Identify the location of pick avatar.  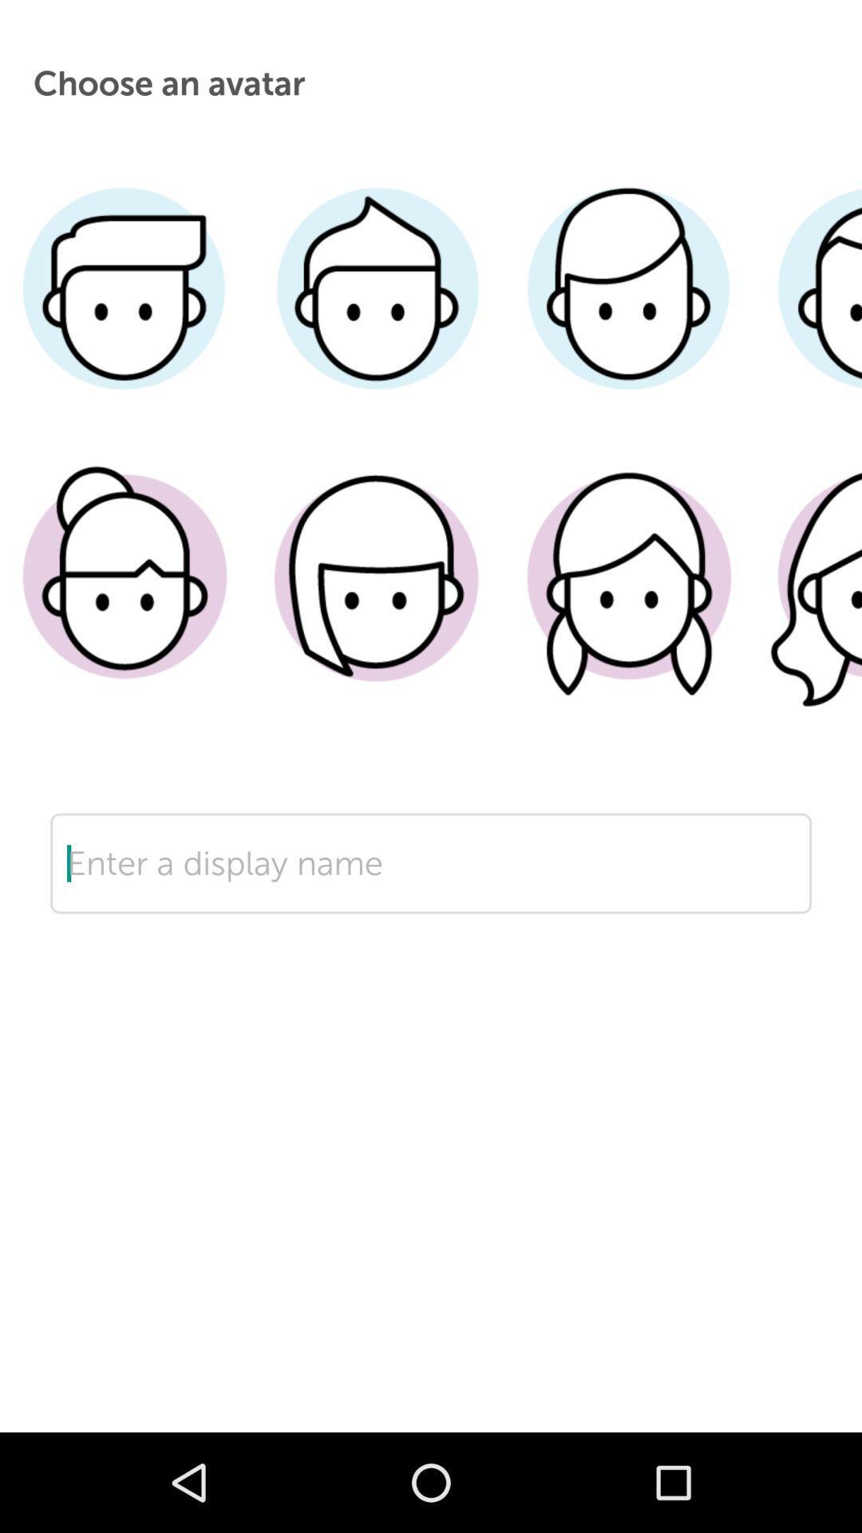
(808, 600).